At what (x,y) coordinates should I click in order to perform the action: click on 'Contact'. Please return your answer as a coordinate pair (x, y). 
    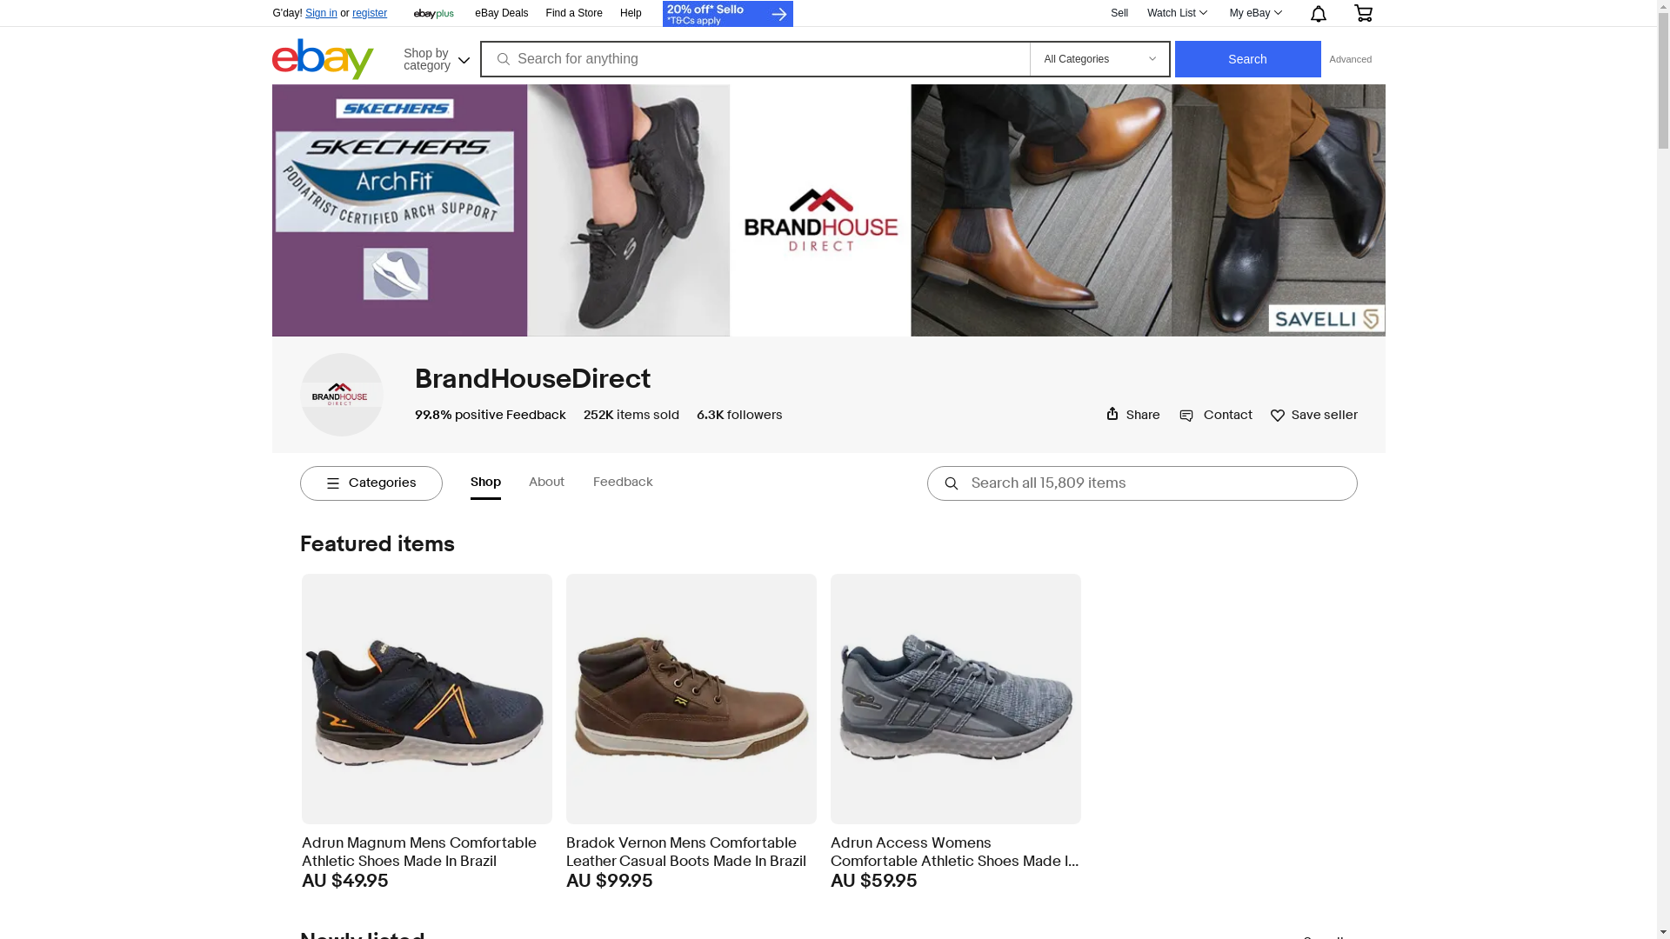
    Looking at the image, I should click on (1179, 415).